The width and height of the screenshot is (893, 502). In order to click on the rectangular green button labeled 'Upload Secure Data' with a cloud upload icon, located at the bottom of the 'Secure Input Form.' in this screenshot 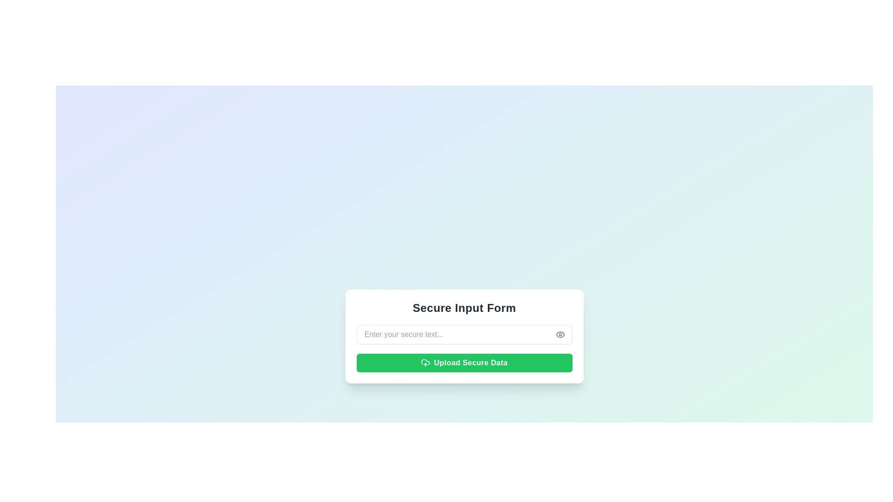, I will do `click(464, 362)`.